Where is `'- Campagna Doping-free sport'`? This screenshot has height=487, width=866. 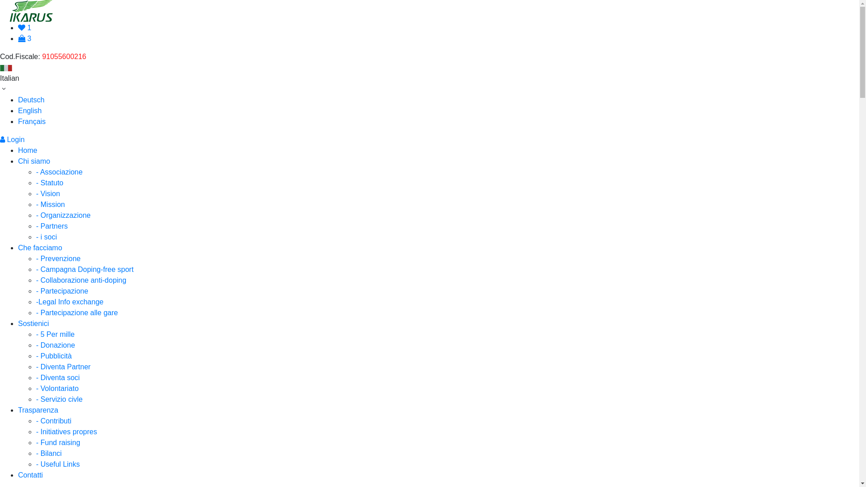
'- Campagna Doping-free sport' is located at coordinates (84, 269).